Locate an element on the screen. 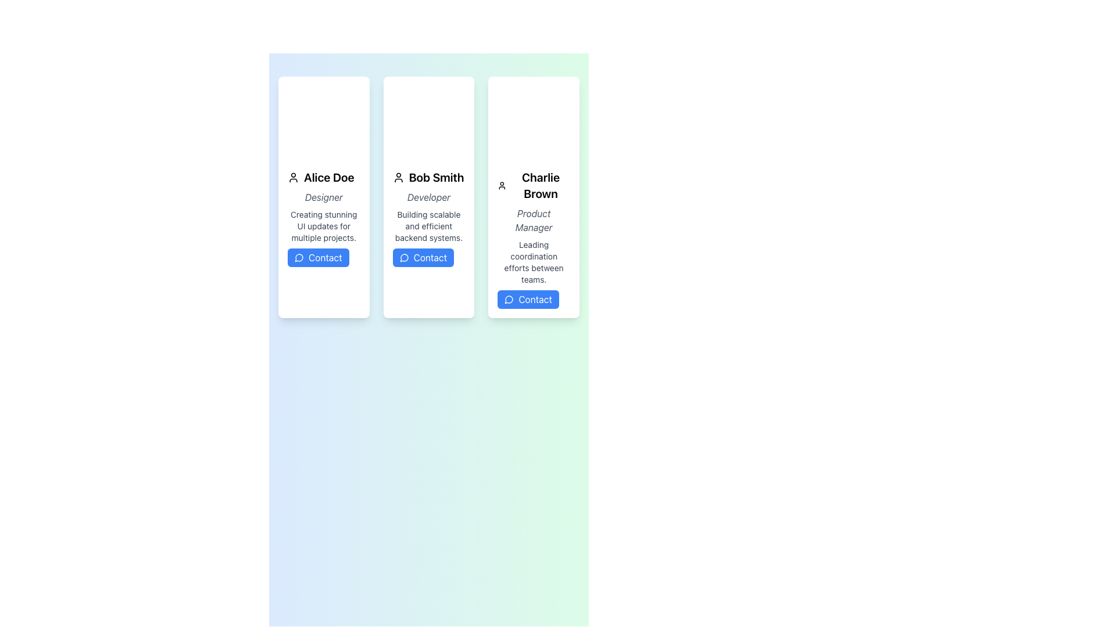 The width and height of the screenshot is (1116, 627). the 'Contact' button which includes a speech bubble icon on the left side of the button's text is located at coordinates (509, 299).